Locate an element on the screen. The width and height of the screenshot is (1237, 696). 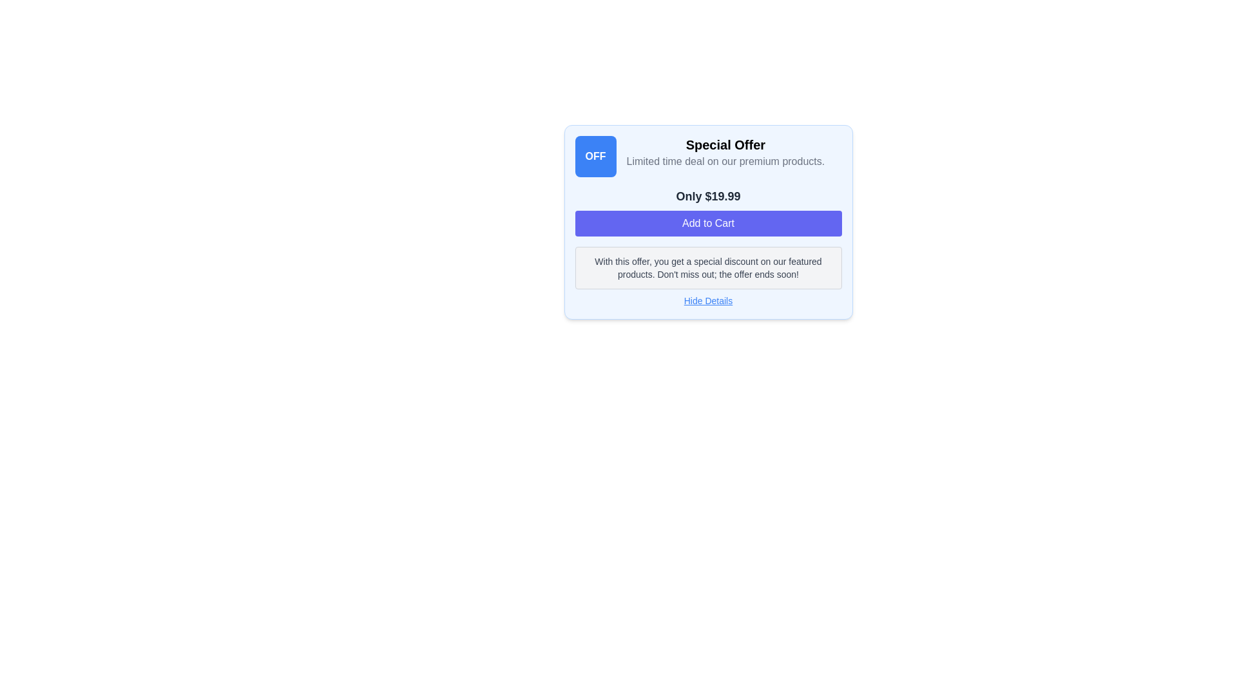
the Text content block that provides additional descriptive or promotional content related to the offer, positioned before the 'Hide Details' link and centered within the promotional box is located at coordinates (707, 267).